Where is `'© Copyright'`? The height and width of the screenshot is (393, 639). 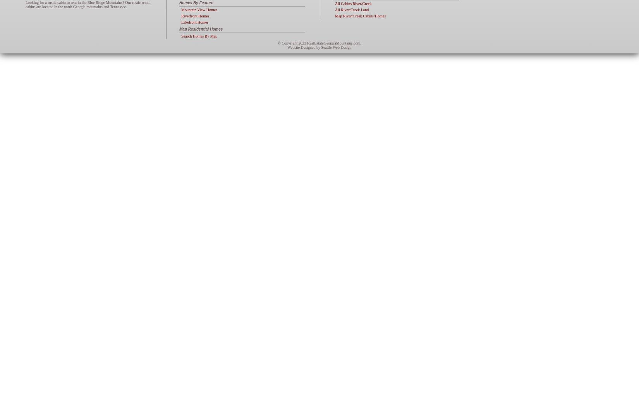
'© Copyright' is located at coordinates (287, 43).